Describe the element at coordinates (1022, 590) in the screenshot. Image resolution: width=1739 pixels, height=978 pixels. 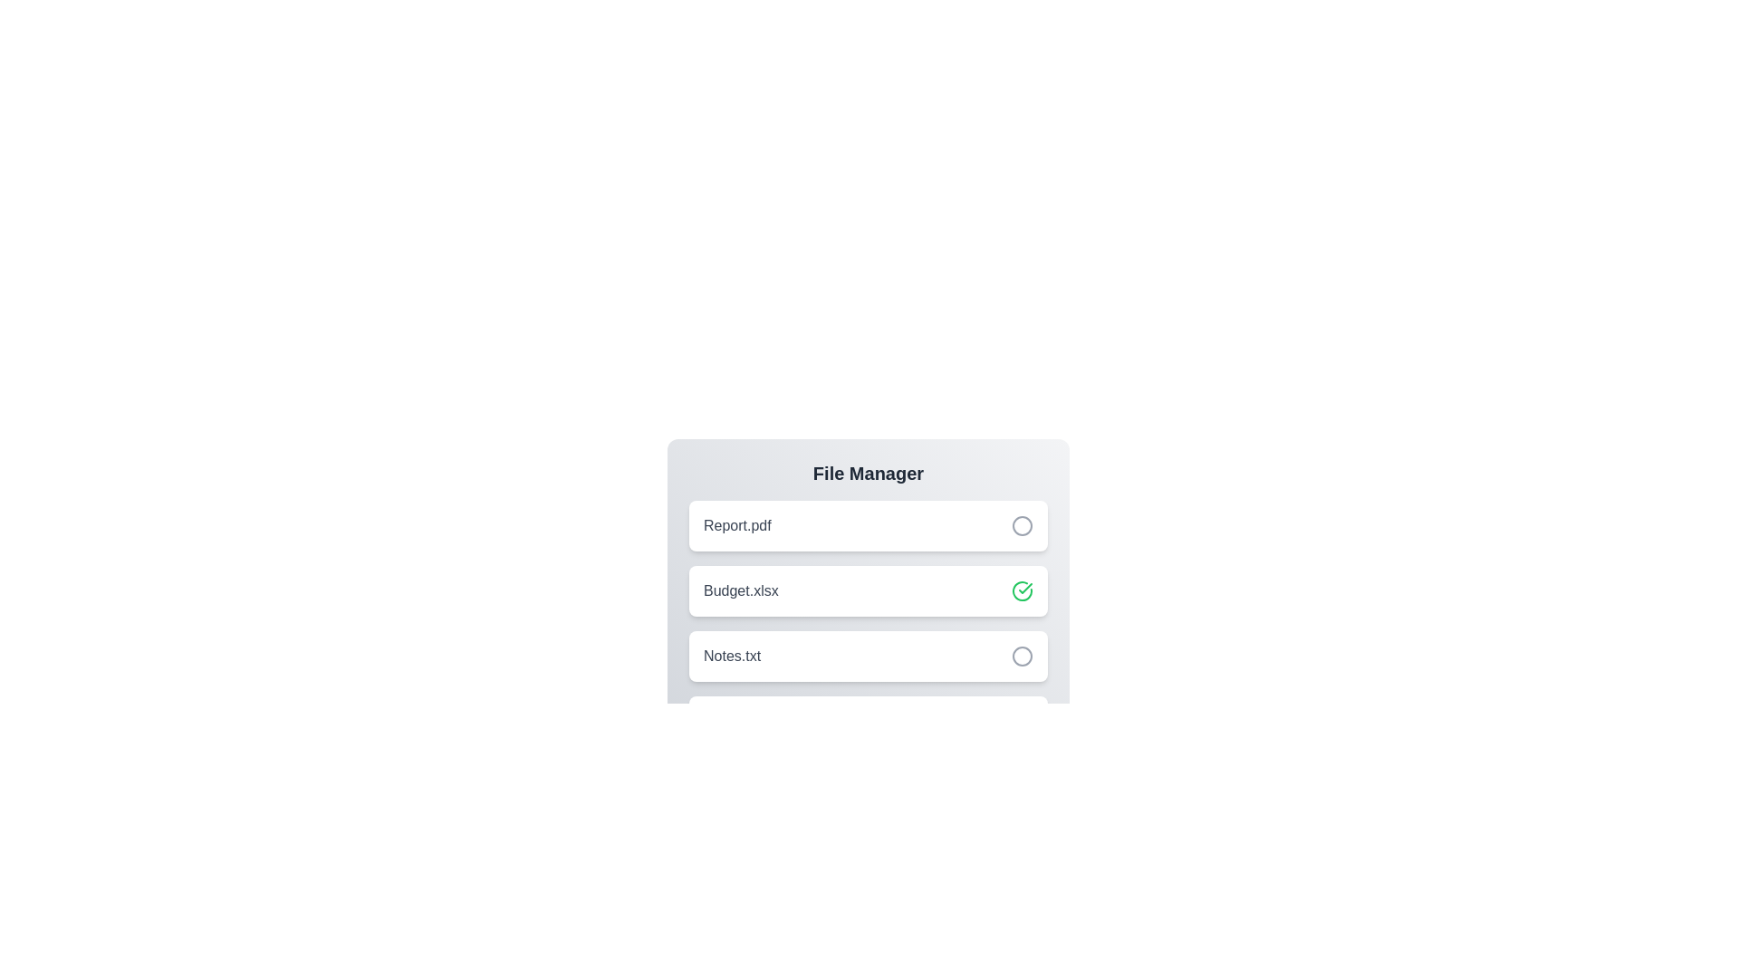
I see `the file item Budget.xlsx by clicking its associated button` at that location.